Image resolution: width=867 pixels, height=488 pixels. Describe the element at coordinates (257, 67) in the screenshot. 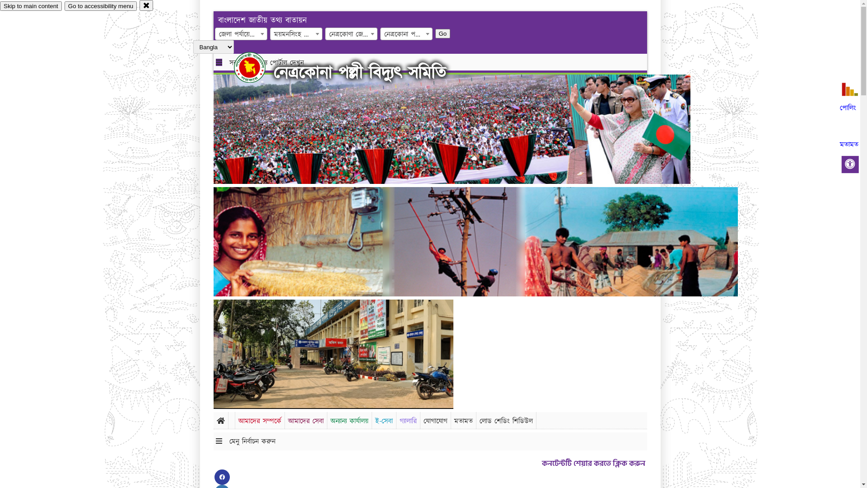

I see `'` at that location.